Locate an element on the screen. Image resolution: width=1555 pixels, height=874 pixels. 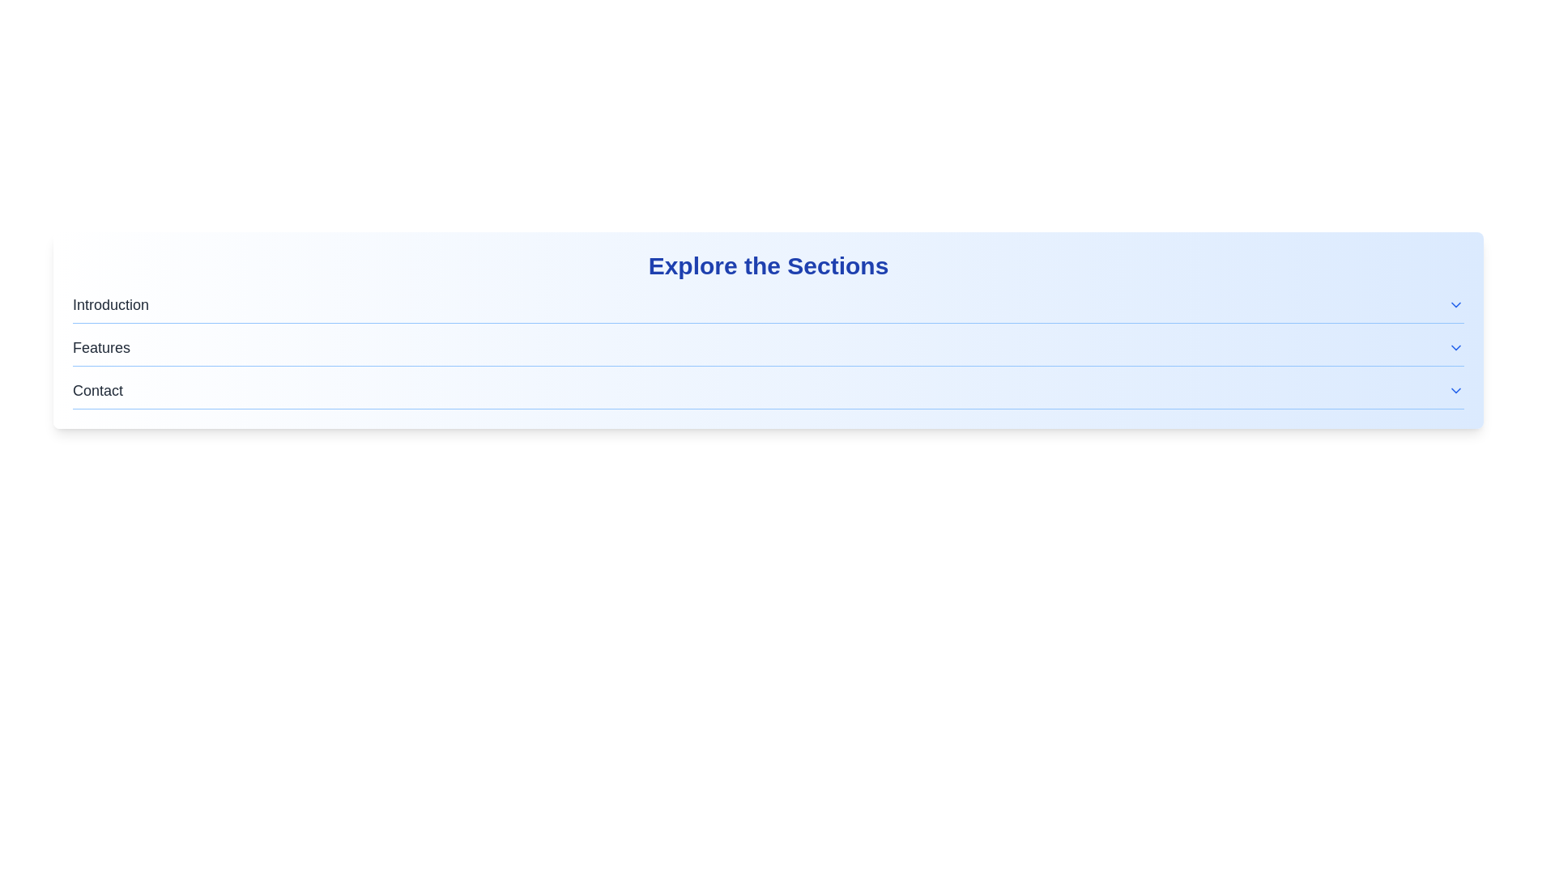
the 'Features' section identifier text label, which is the second item in the list under 'Explore the Sections' is located at coordinates (100, 346).